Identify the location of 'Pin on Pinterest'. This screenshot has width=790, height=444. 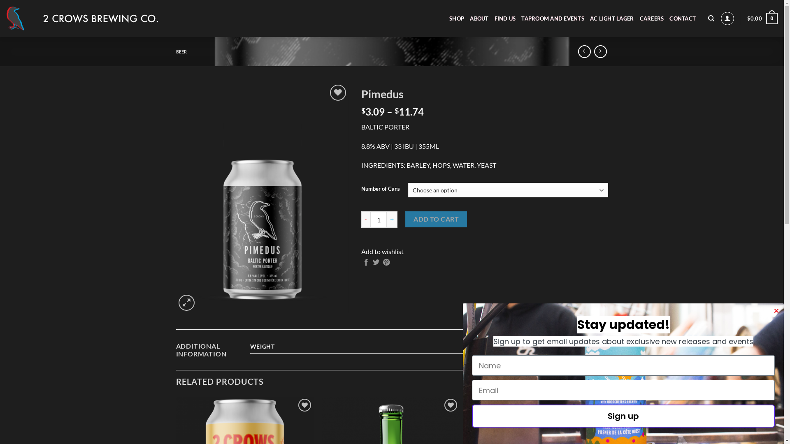
(386, 263).